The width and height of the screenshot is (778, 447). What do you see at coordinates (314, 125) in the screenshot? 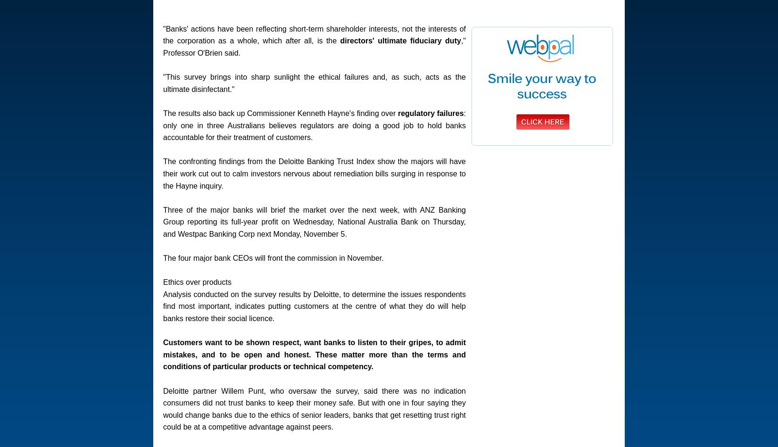
I see `': only one in three Australians believes regulators are doing a good job to hold banks accountable for their treatment of customers.'` at bounding box center [314, 125].